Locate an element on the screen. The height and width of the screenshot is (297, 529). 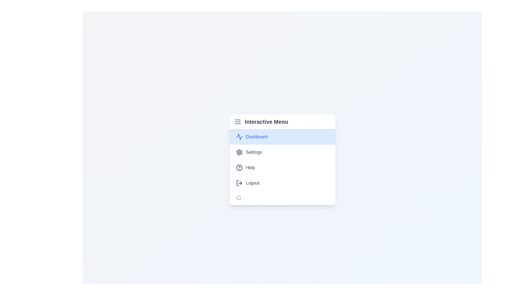
the small graphical icon resembling a waveform or activity indicator located to the left of the 'Dashboard' label in the interactive menu is located at coordinates (239, 136).